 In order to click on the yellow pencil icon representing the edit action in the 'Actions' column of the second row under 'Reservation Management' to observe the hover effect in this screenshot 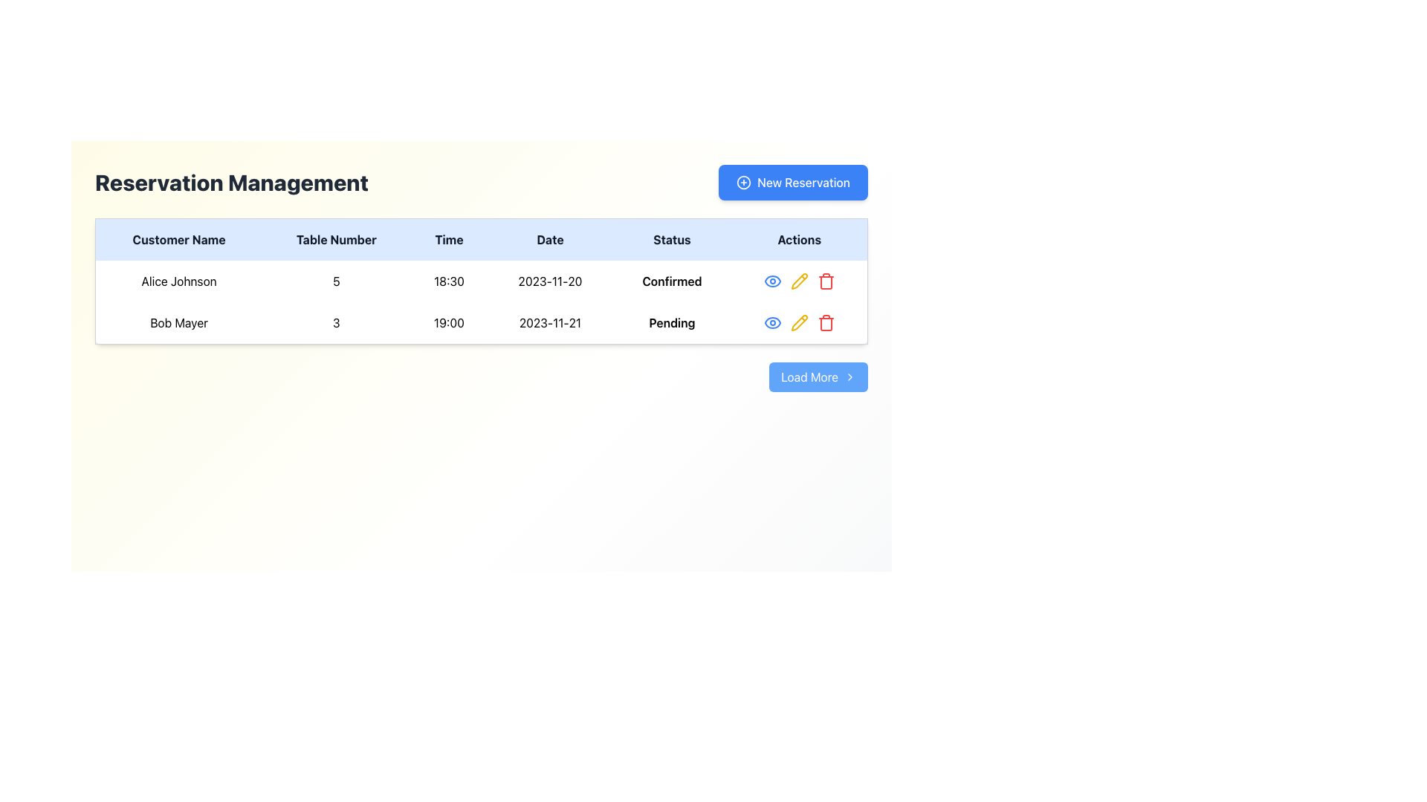, I will do `click(798, 322)`.